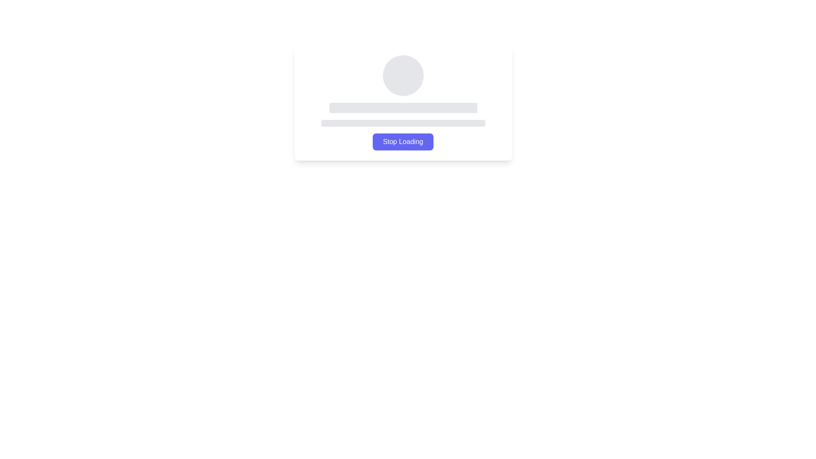  What do you see at coordinates (402, 123) in the screenshot?
I see `the skeleton loader element, which is a light gray horizontal rectangle with rounded corners, positioned below a larger rectangle and above a 'Stop Loading' button` at bounding box center [402, 123].